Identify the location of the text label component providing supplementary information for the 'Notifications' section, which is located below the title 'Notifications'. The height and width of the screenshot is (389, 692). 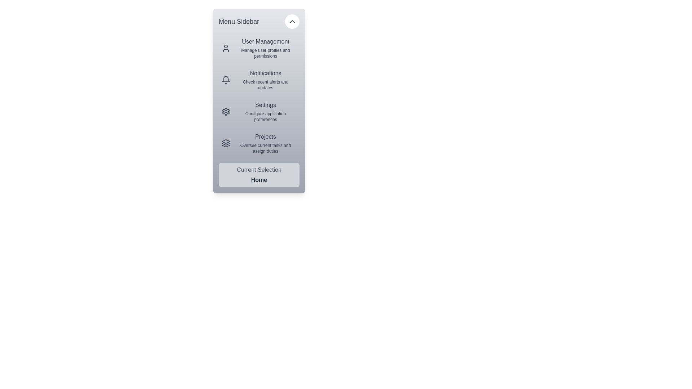
(265, 84).